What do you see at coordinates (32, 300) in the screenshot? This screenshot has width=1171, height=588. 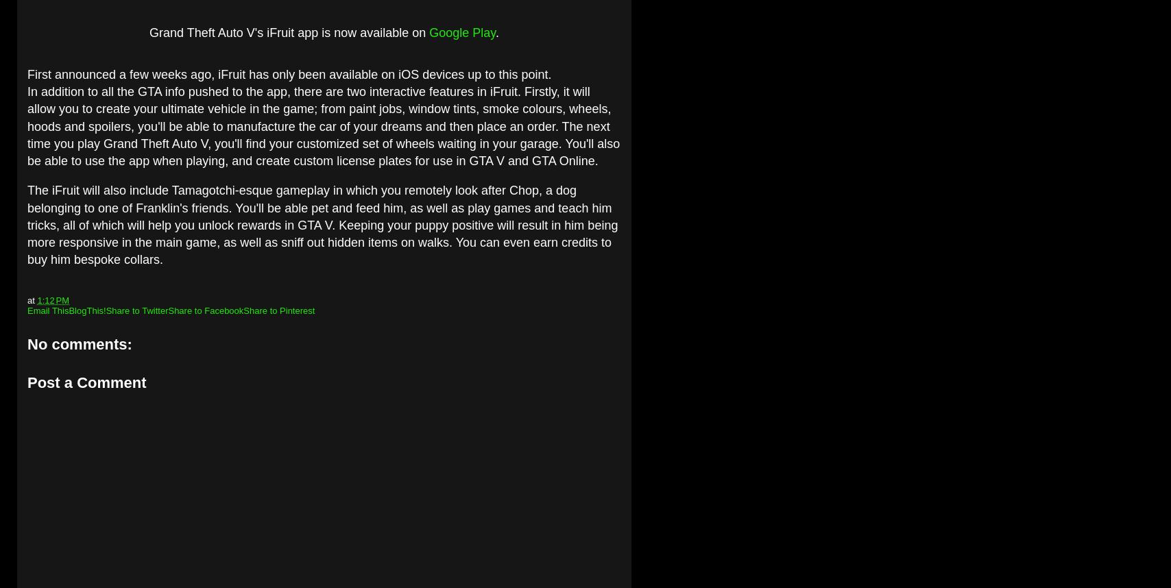 I see `'at'` at bounding box center [32, 300].